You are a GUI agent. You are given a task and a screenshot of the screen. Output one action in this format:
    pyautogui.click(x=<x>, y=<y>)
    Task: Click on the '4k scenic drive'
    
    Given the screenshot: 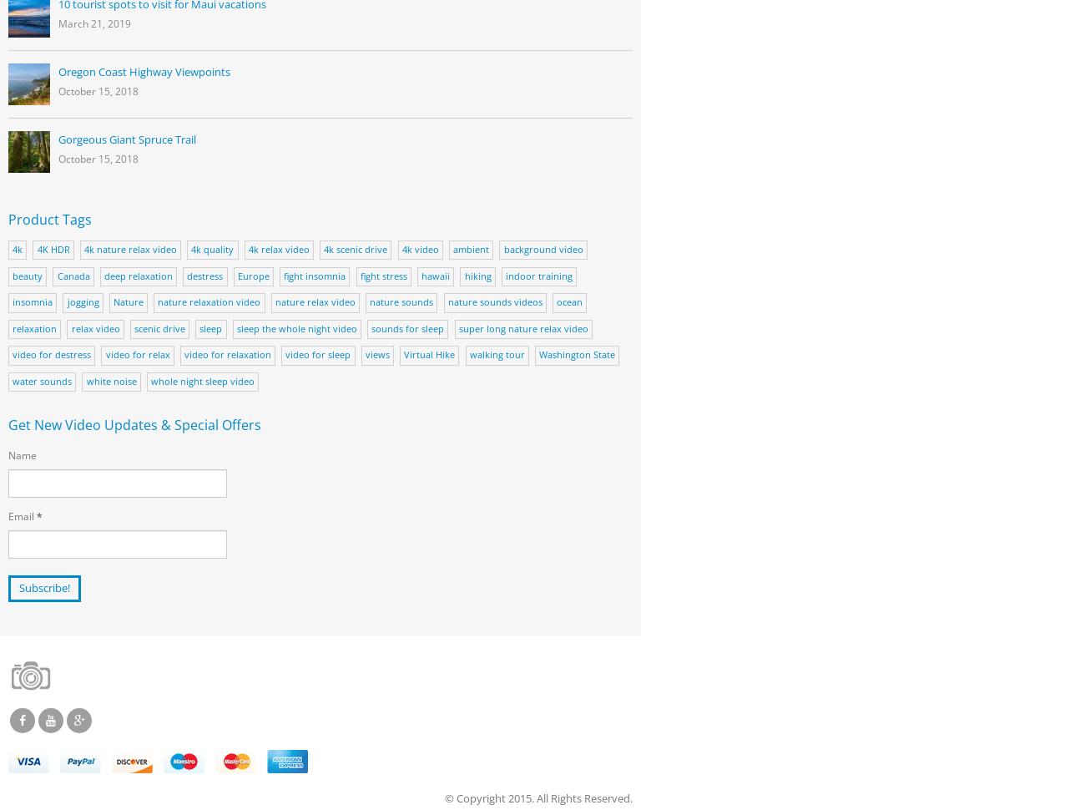 What is the action you would take?
    pyautogui.click(x=356, y=249)
    